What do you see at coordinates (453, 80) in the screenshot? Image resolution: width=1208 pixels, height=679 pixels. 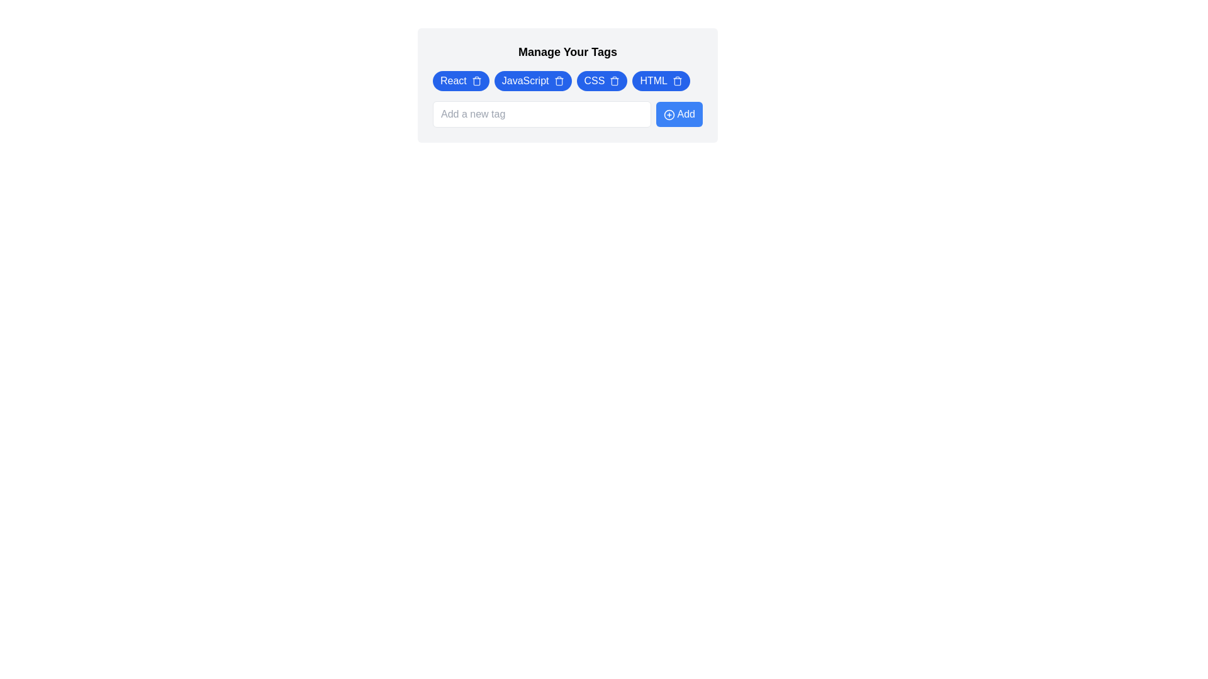 I see `the text label displaying 'React', which is styled with a white font on a blue rectangular background with rounded edges, located in the 'Manage Your Tags' section` at bounding box center [453, 80].